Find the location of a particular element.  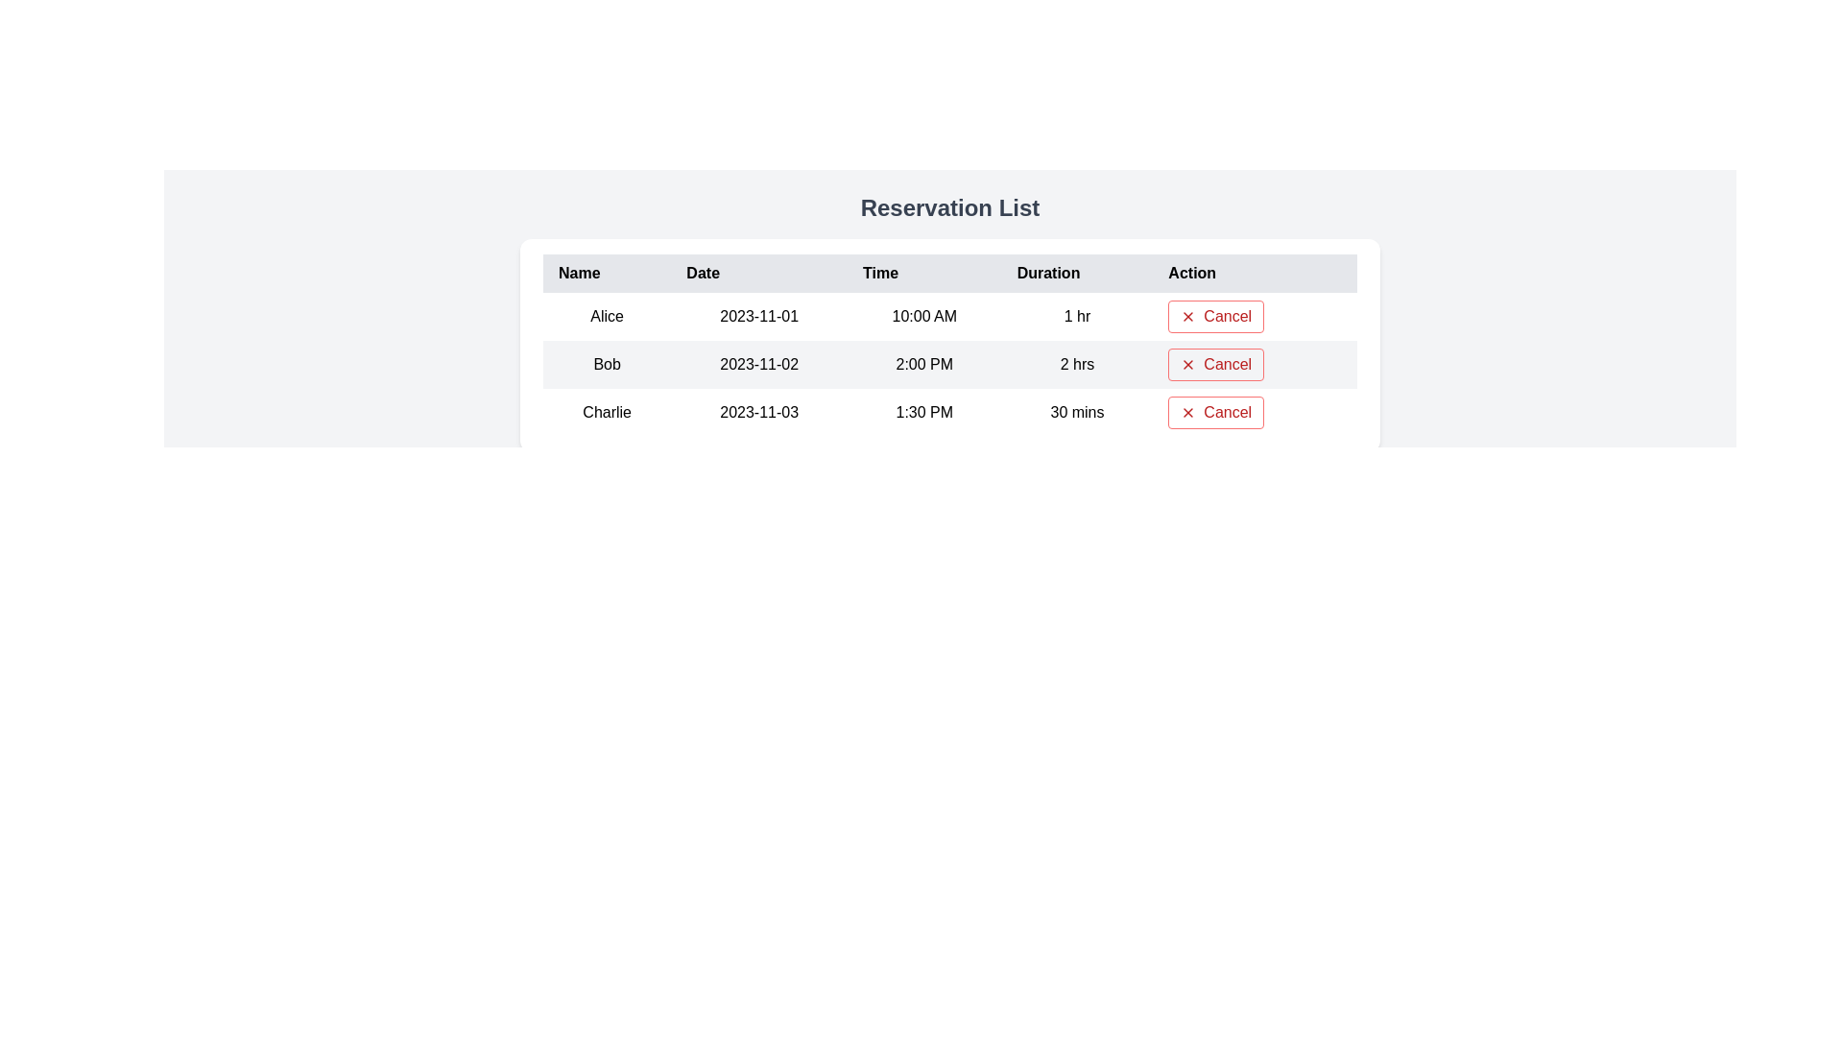

the table cell displaying the date '2023-11-03', which is located in the third row and second column of the reservation table is located at coordinates (758, 411).